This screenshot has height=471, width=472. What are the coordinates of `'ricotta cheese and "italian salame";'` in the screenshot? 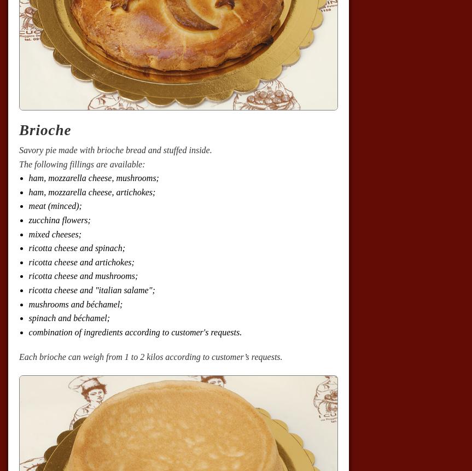 It's located at (91, 290).